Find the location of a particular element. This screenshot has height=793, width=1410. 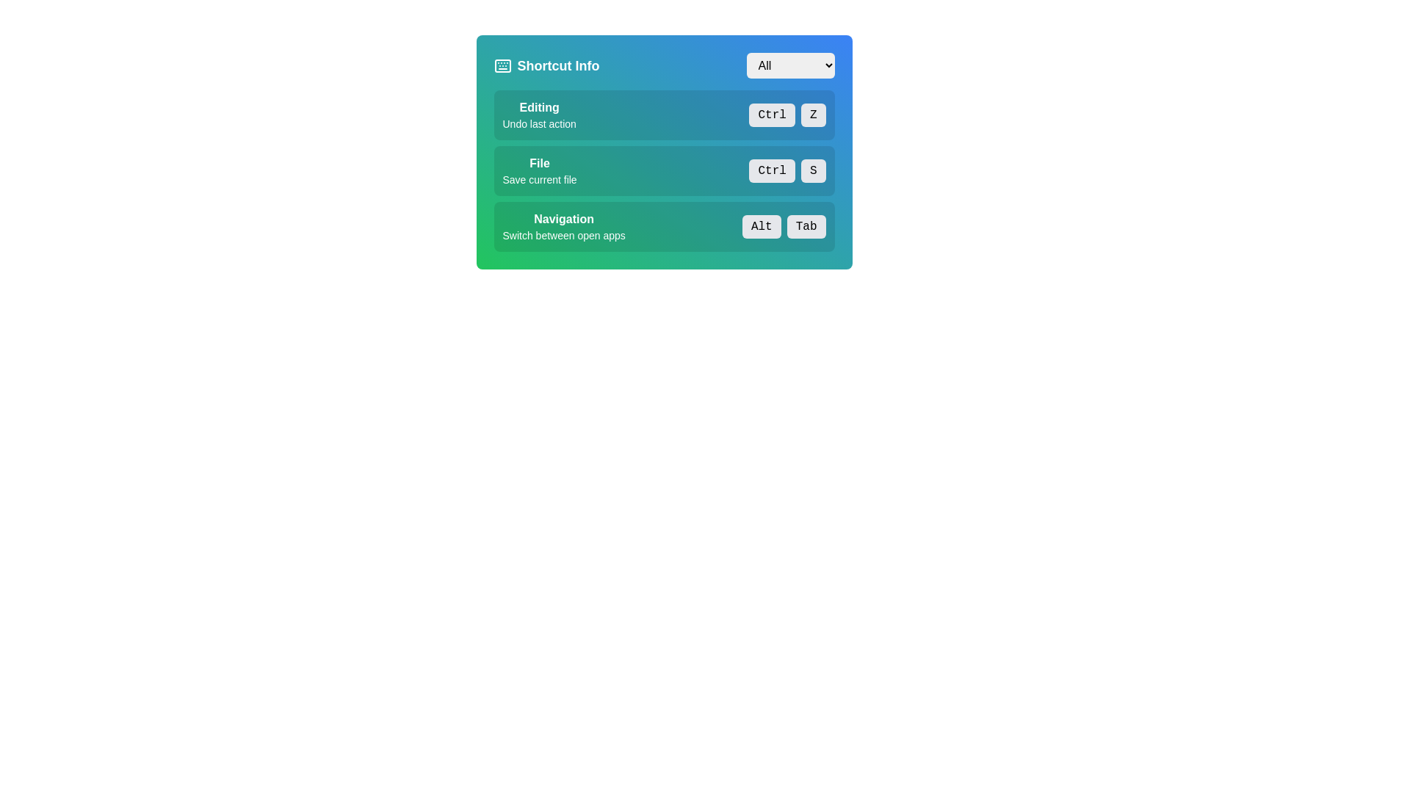

the pill-shaped button with a light gray background and black text reading 'Ctrl' located in the 'Editing' row of the 'Shortcut Info' section is located at coordinates (771, 115).